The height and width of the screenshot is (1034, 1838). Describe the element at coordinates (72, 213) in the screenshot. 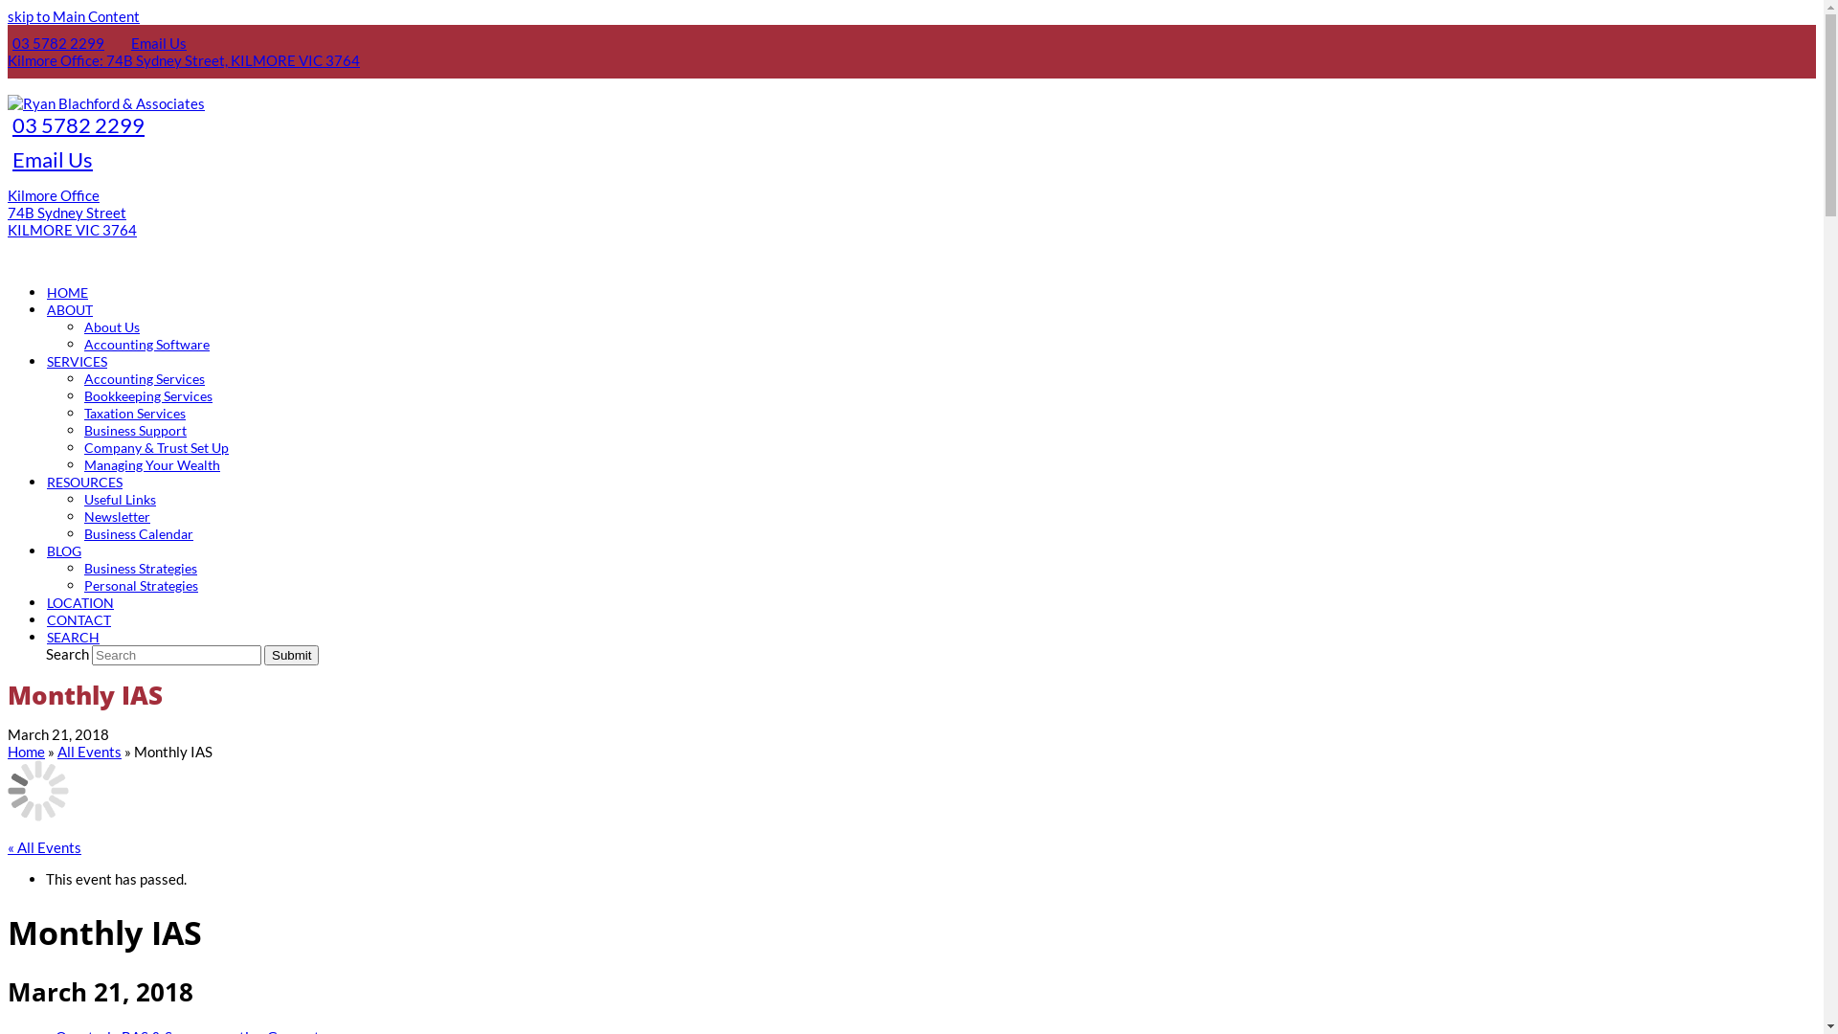

I see `'Kilmore Office` at that location.